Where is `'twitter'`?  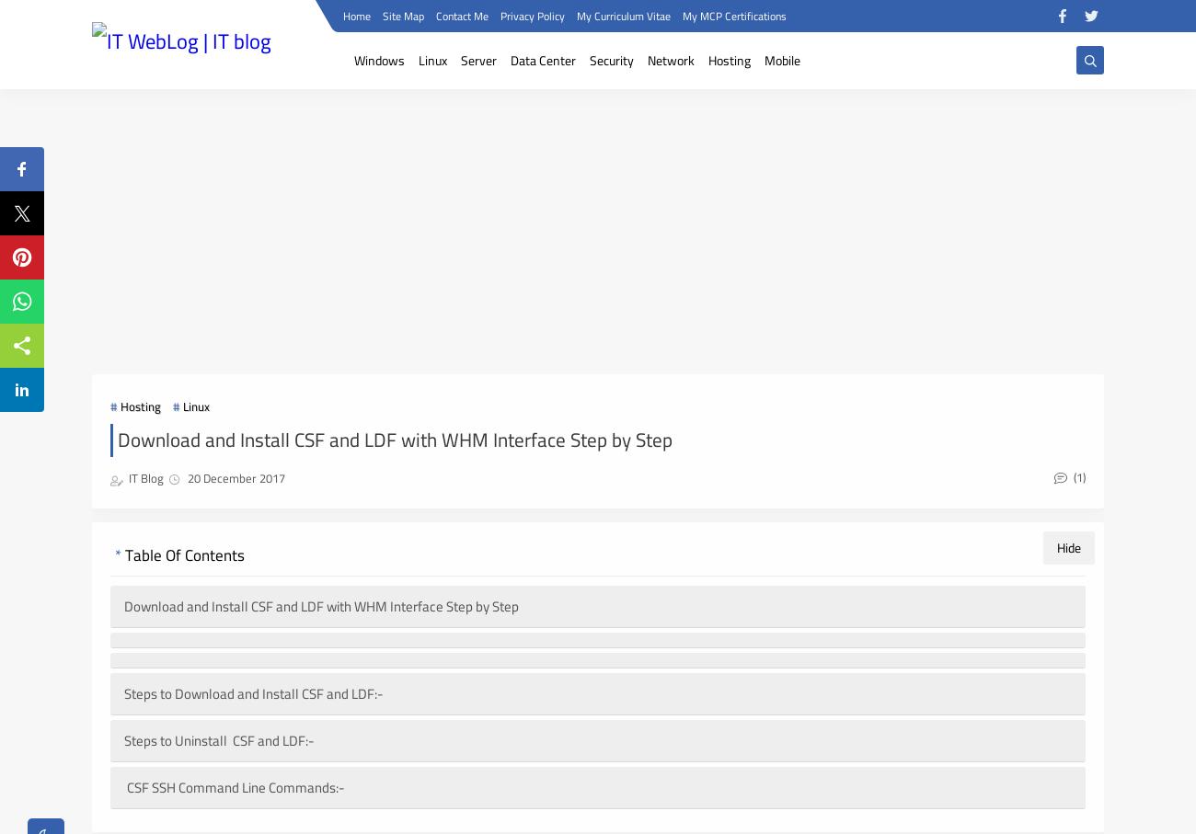 'twitter' is located at coordinates (431, 749).